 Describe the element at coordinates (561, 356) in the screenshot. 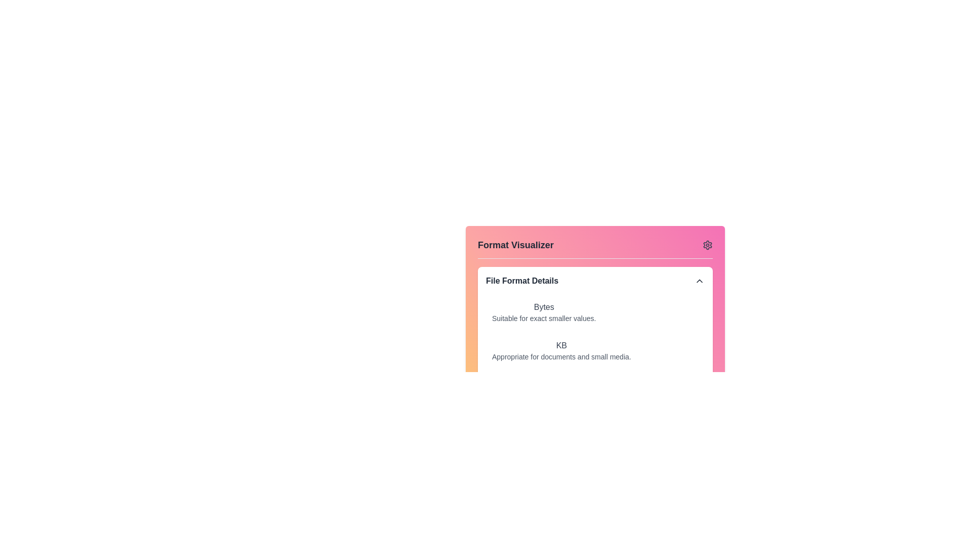

I see `the text label that provides supplementary information about the 'KB' label, located directly beneath it in the 'File Format Details' panel within a pink card interface` at that location.